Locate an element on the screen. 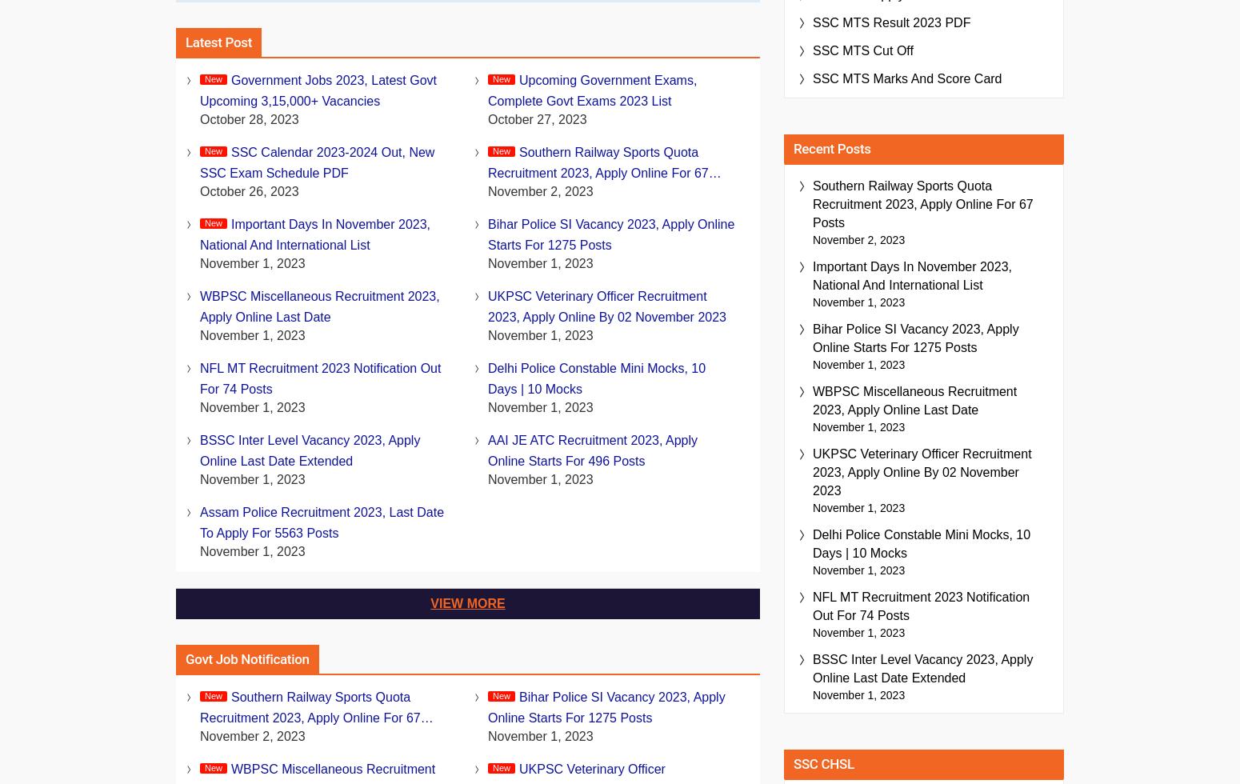  'SSC MTS Cut Off' is located at coordinates (862, 50).